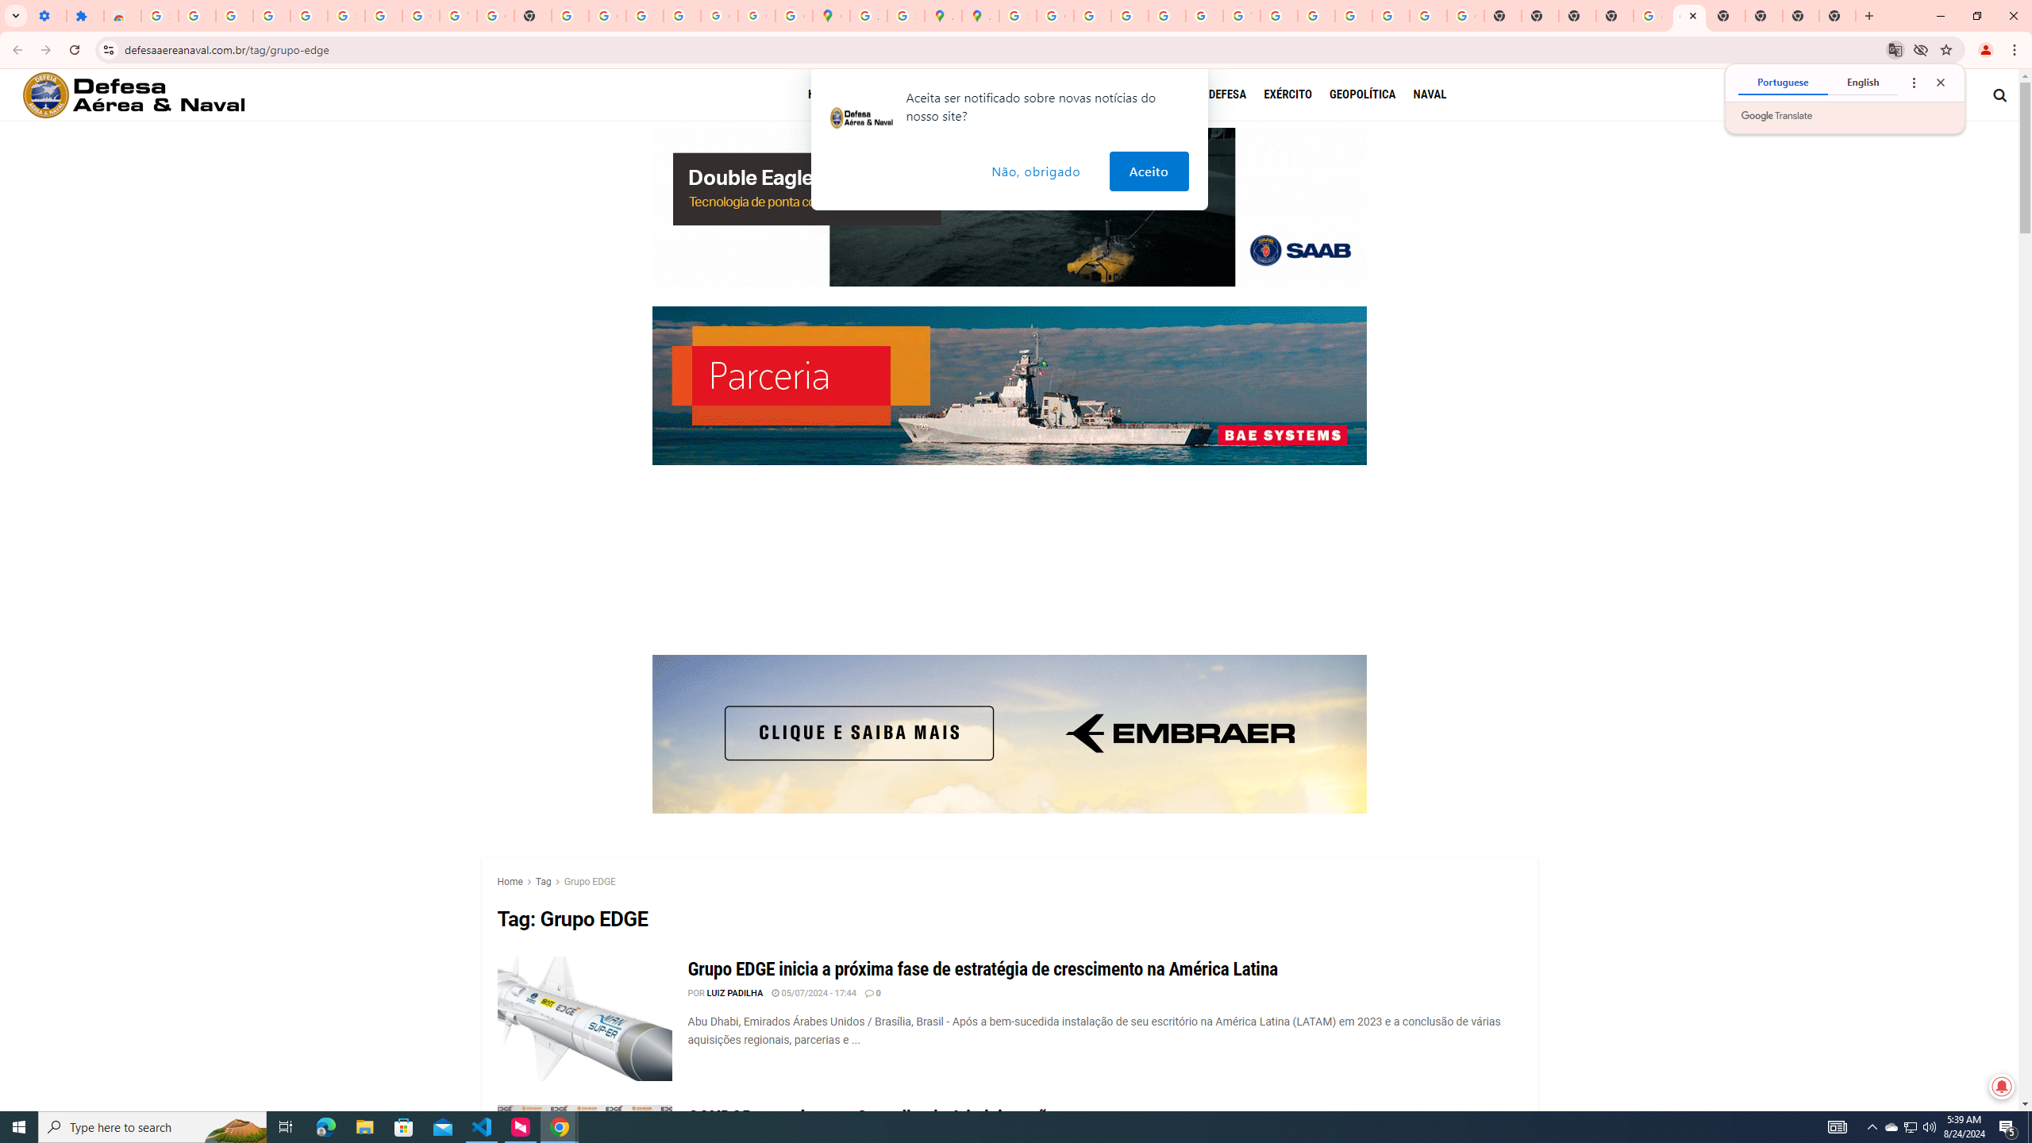  Describe the element at coordinates (1428, 94) in the screenshot. I see `'NAVAL'` at that location.